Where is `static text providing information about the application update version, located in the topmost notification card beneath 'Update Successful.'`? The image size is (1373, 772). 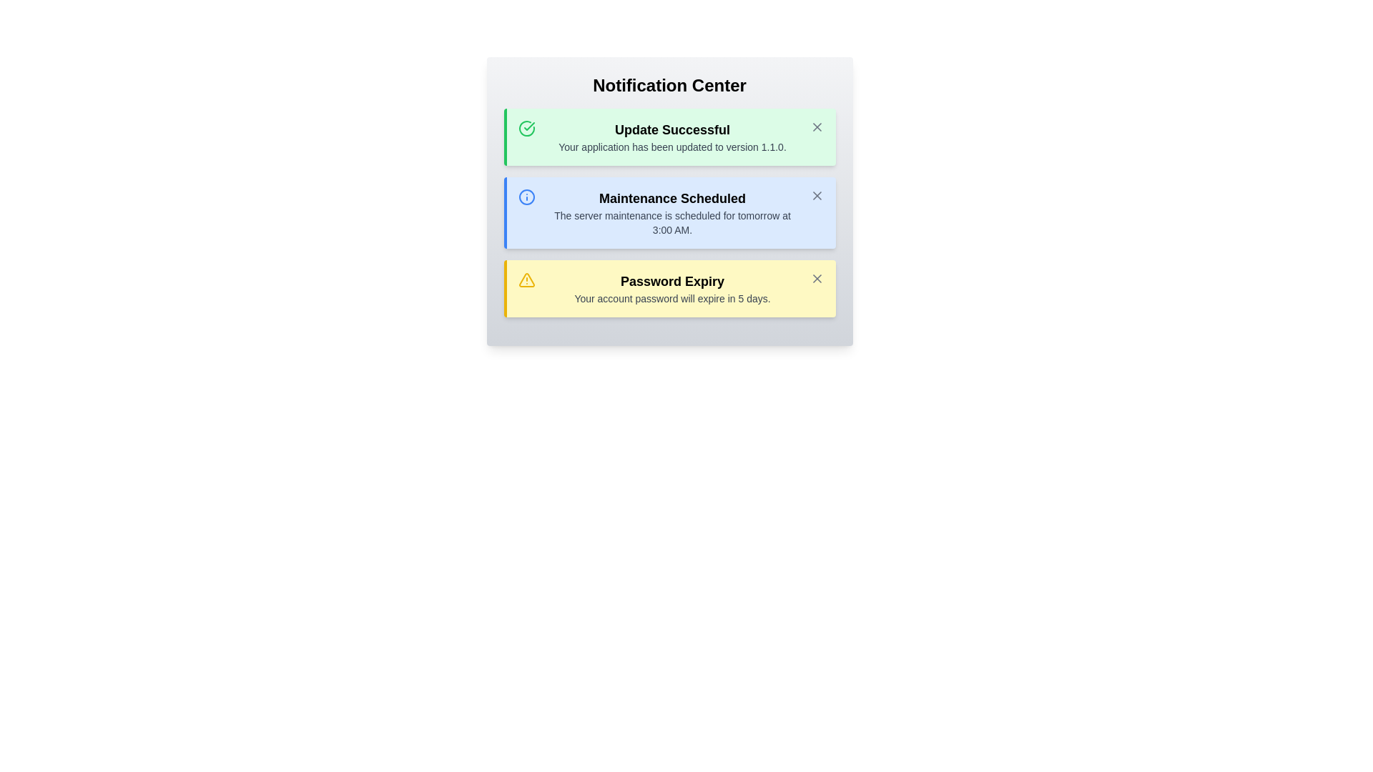 static text providing information about the application update version, located in the topmost notification card beneath 'Update Successful.' is located at coordinates (671, 147).